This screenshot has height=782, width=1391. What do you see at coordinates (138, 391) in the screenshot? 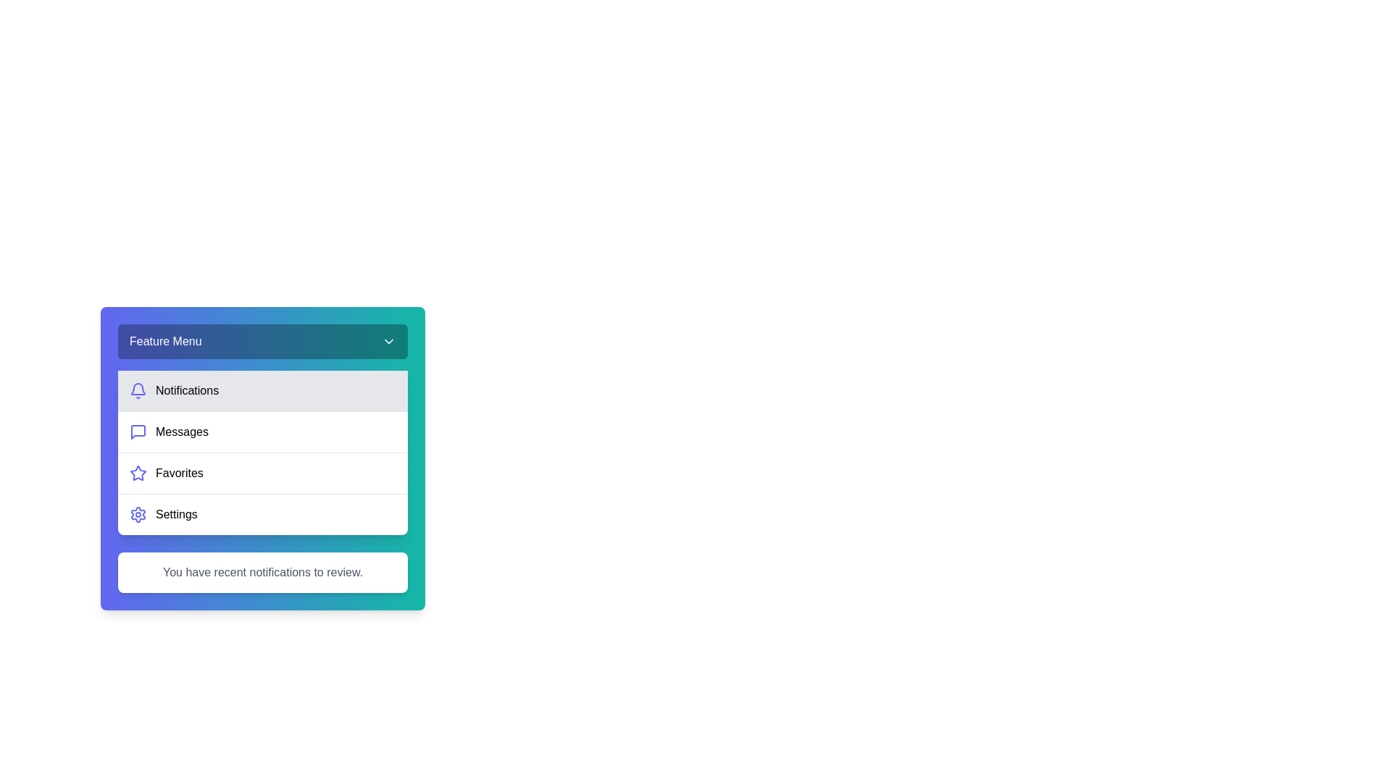
I see `the indigo bell icon located on the leftmost side of the Notifications row, which is the first item under the Feature Menu heading` at bounding box center [138, 391].